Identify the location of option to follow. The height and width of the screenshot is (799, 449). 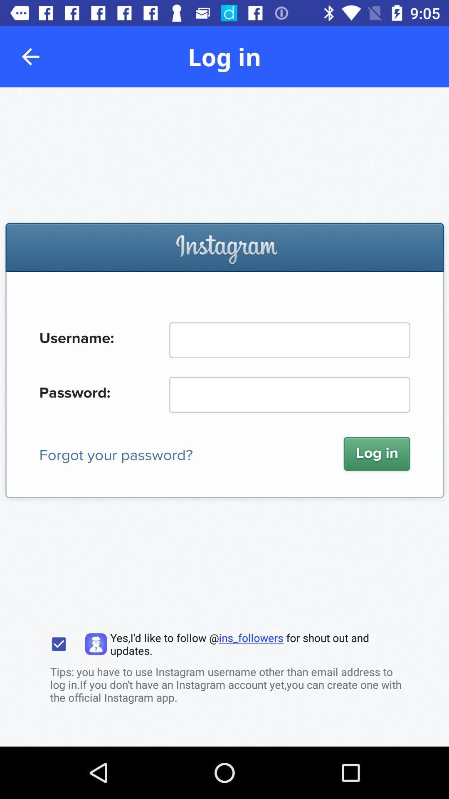
(58, 644).